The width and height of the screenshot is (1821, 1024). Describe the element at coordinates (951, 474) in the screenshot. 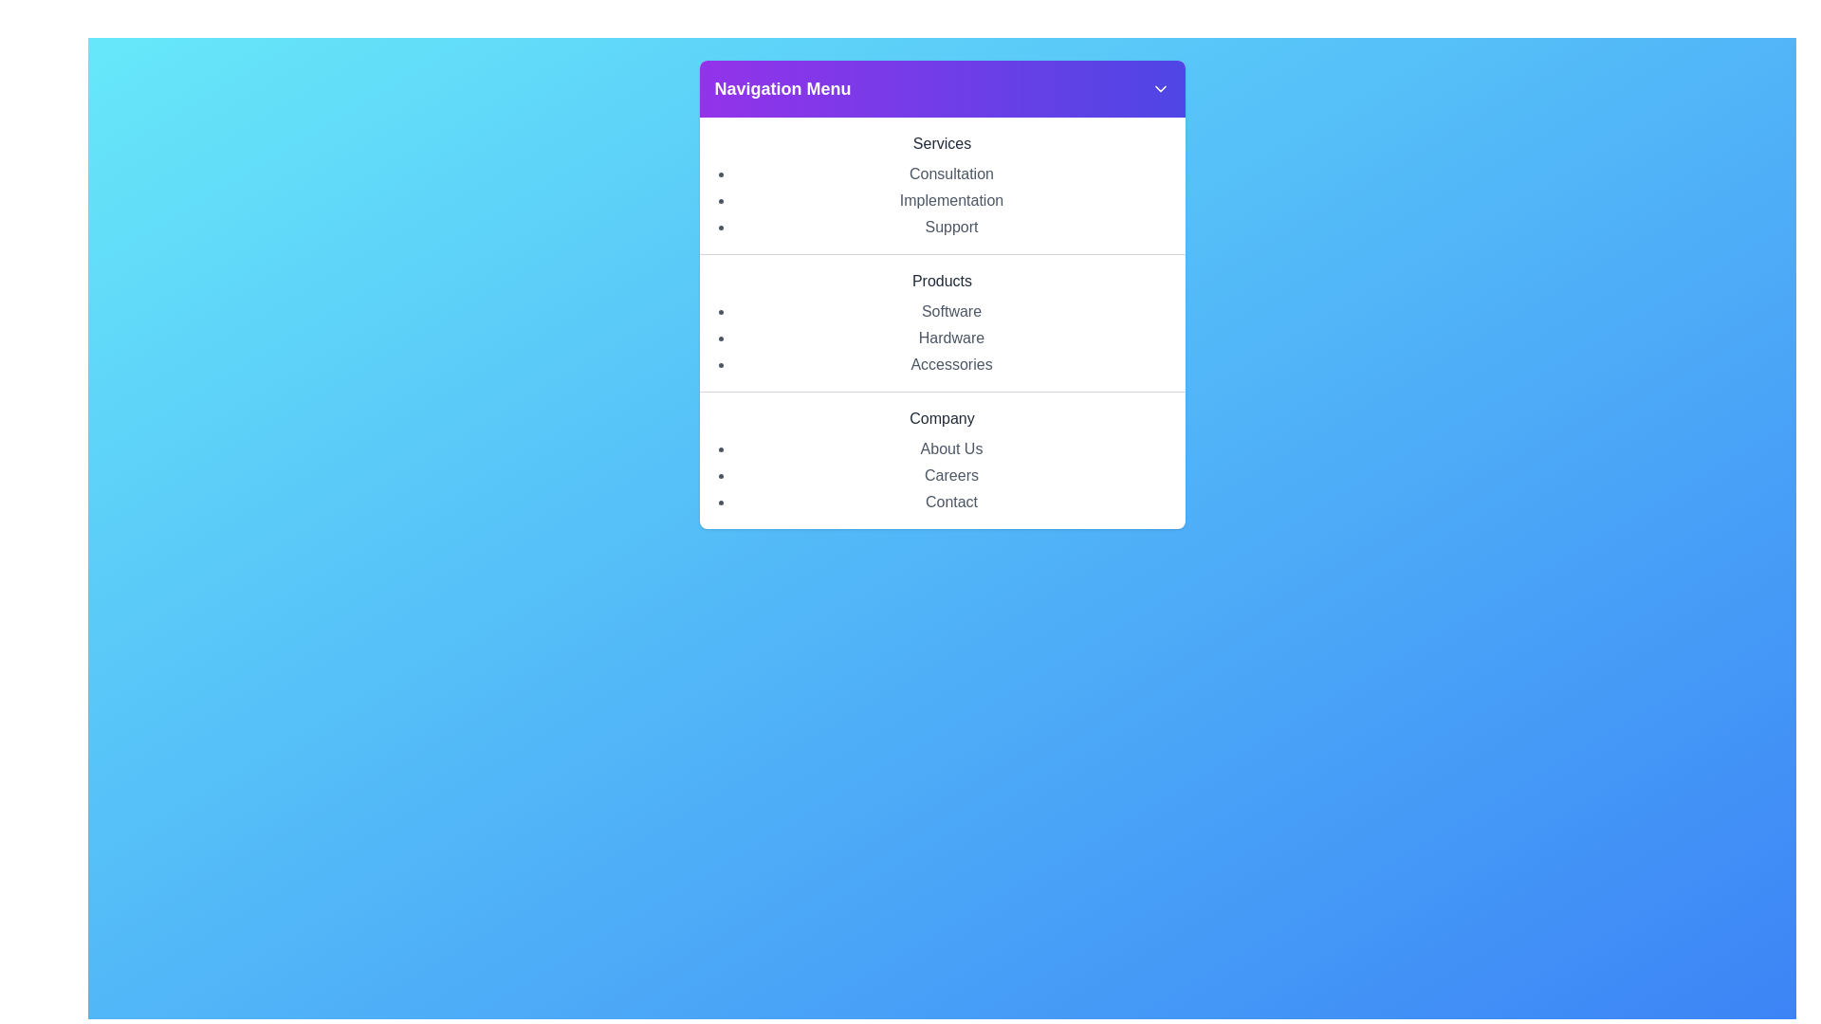

I see `the menu option Careers within the category Company` at that location.